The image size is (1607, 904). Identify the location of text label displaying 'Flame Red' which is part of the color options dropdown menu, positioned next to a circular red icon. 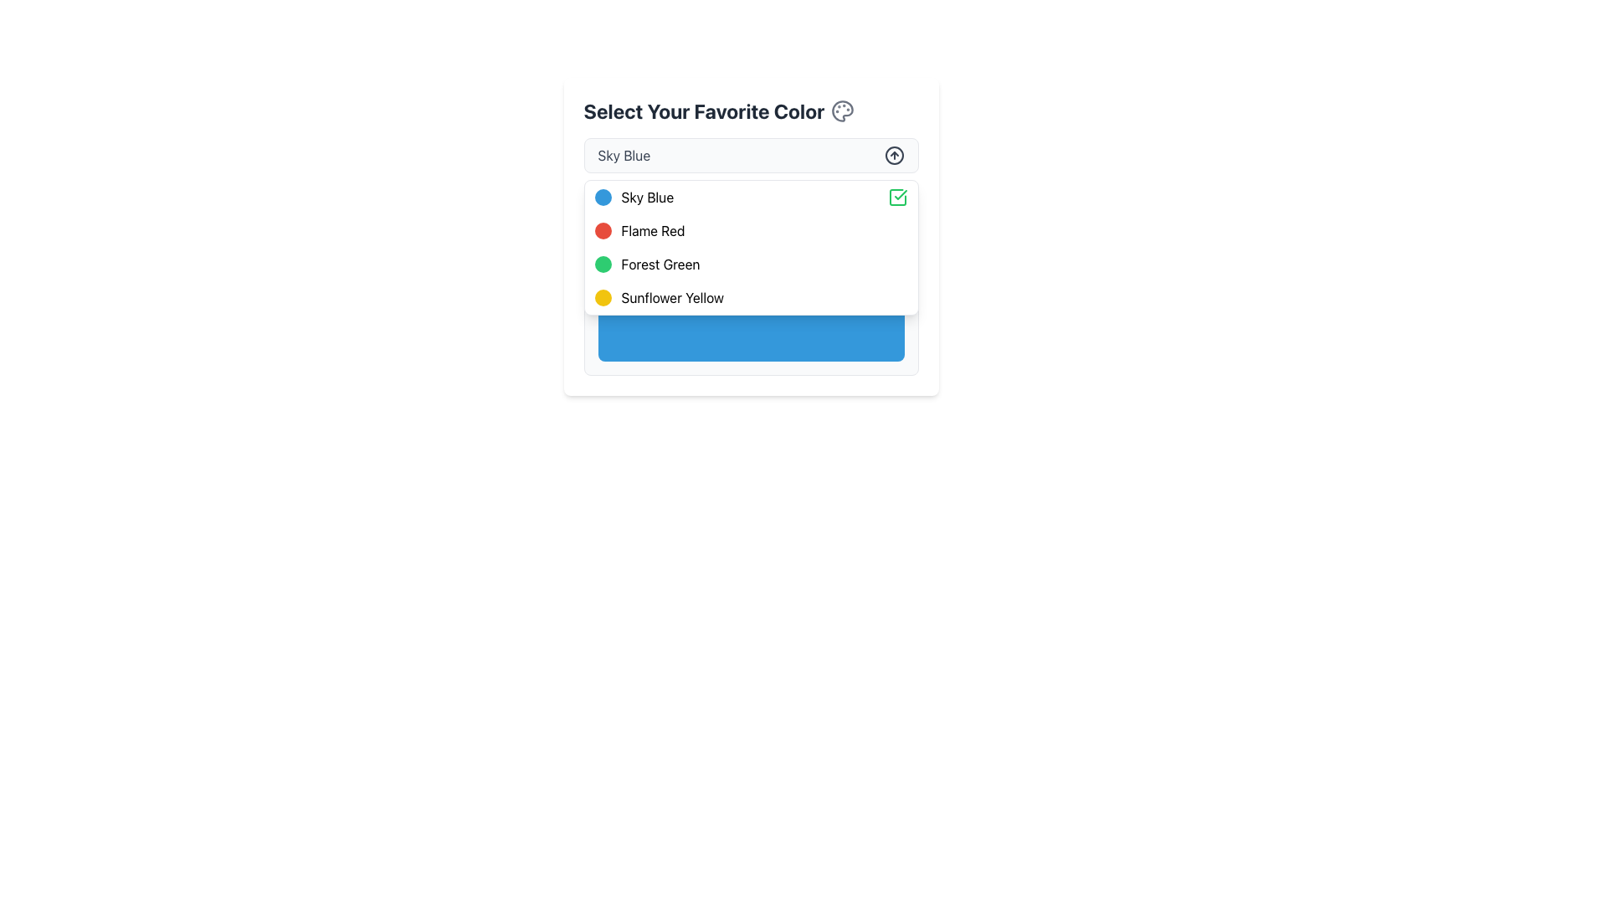
(652, 231).